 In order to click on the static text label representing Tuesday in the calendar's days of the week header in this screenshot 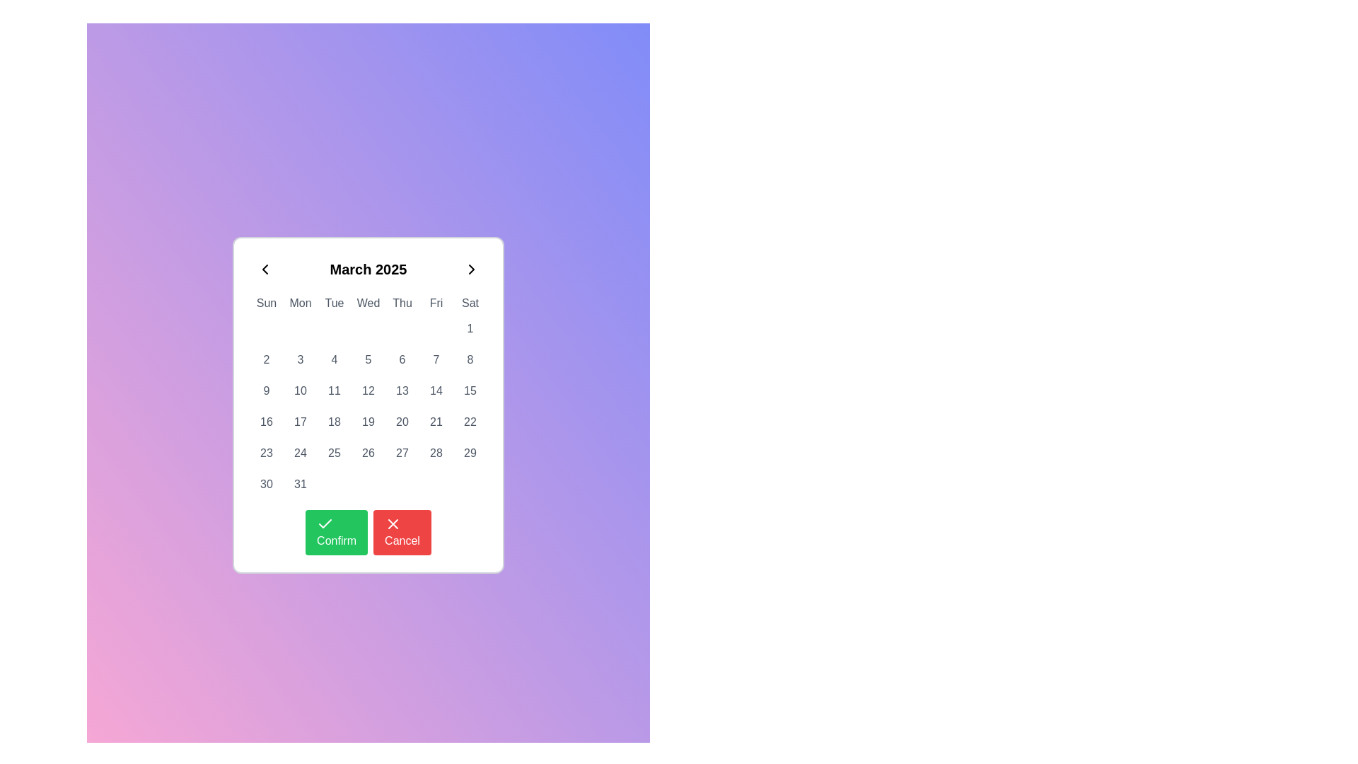, I will do `click(334, 302)`.